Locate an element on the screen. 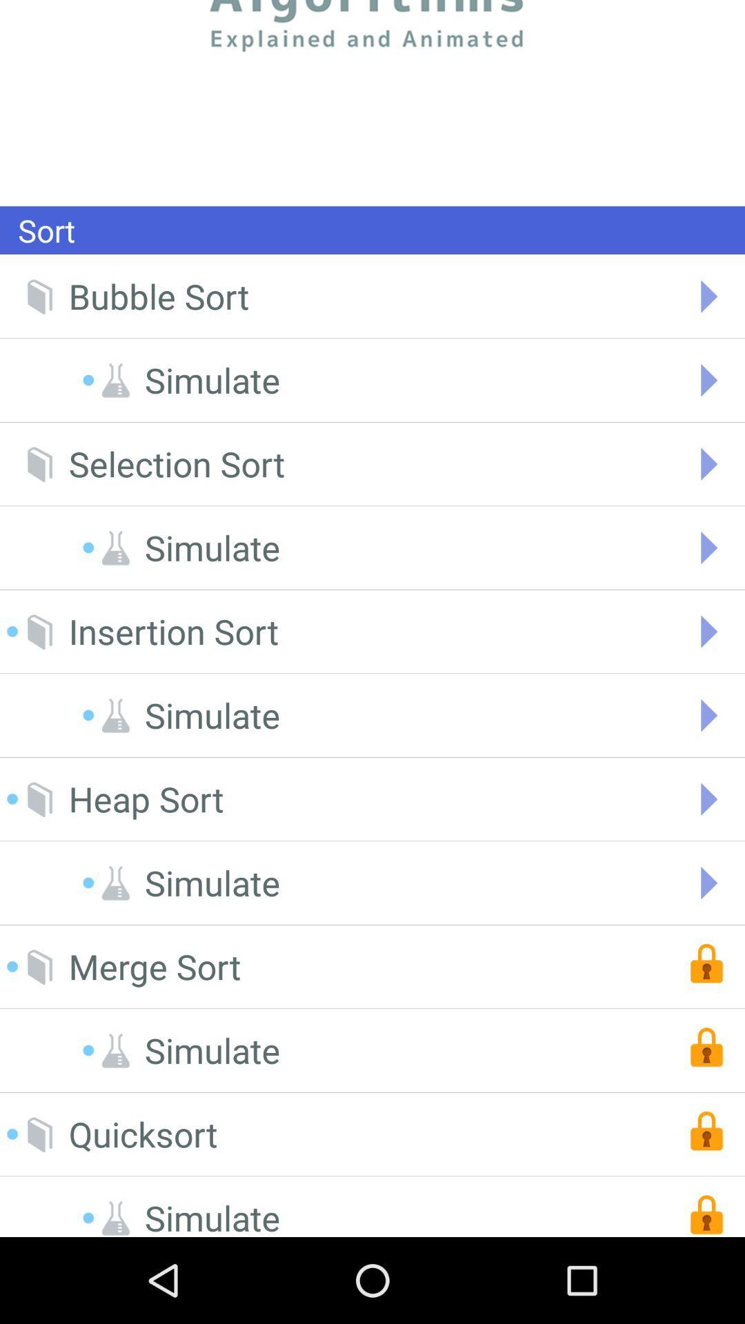 This screenshot has width=745, height=1324. the quicksort is located at coordinates (143, 1134).